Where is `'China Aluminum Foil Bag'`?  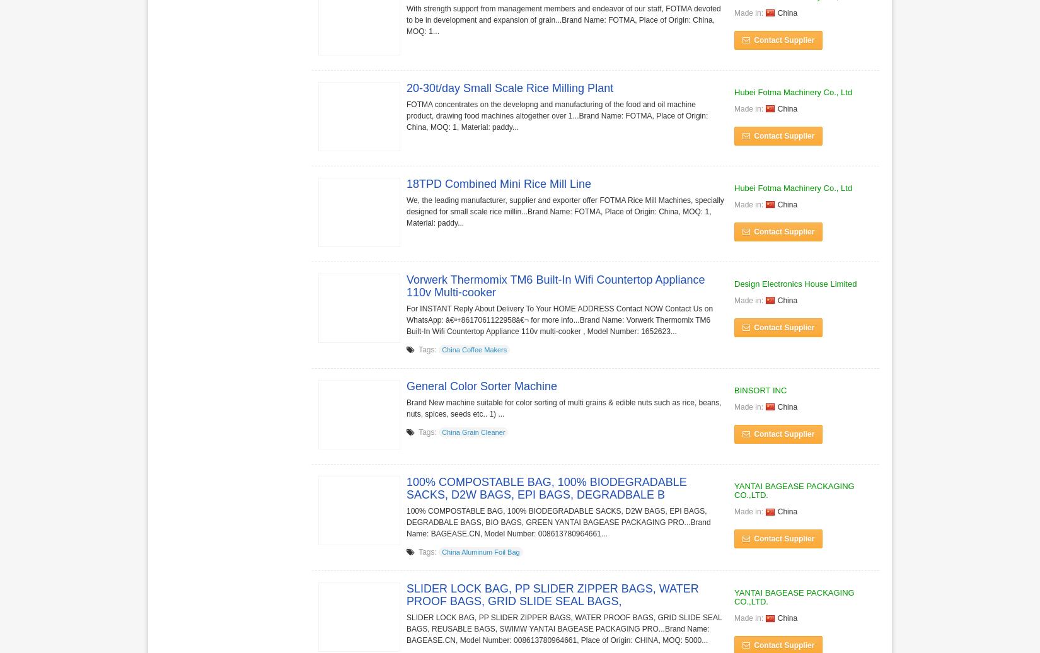 'China Aluminum Foil Bag' is located at coordinates (441, 552).